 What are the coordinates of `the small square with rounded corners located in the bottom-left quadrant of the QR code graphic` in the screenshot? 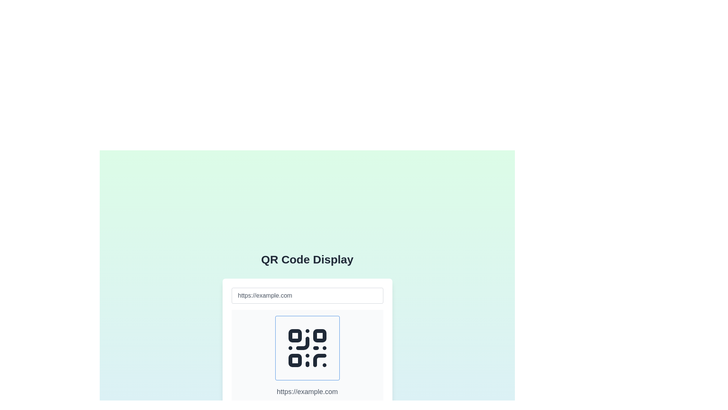 It's located at (294, 360).